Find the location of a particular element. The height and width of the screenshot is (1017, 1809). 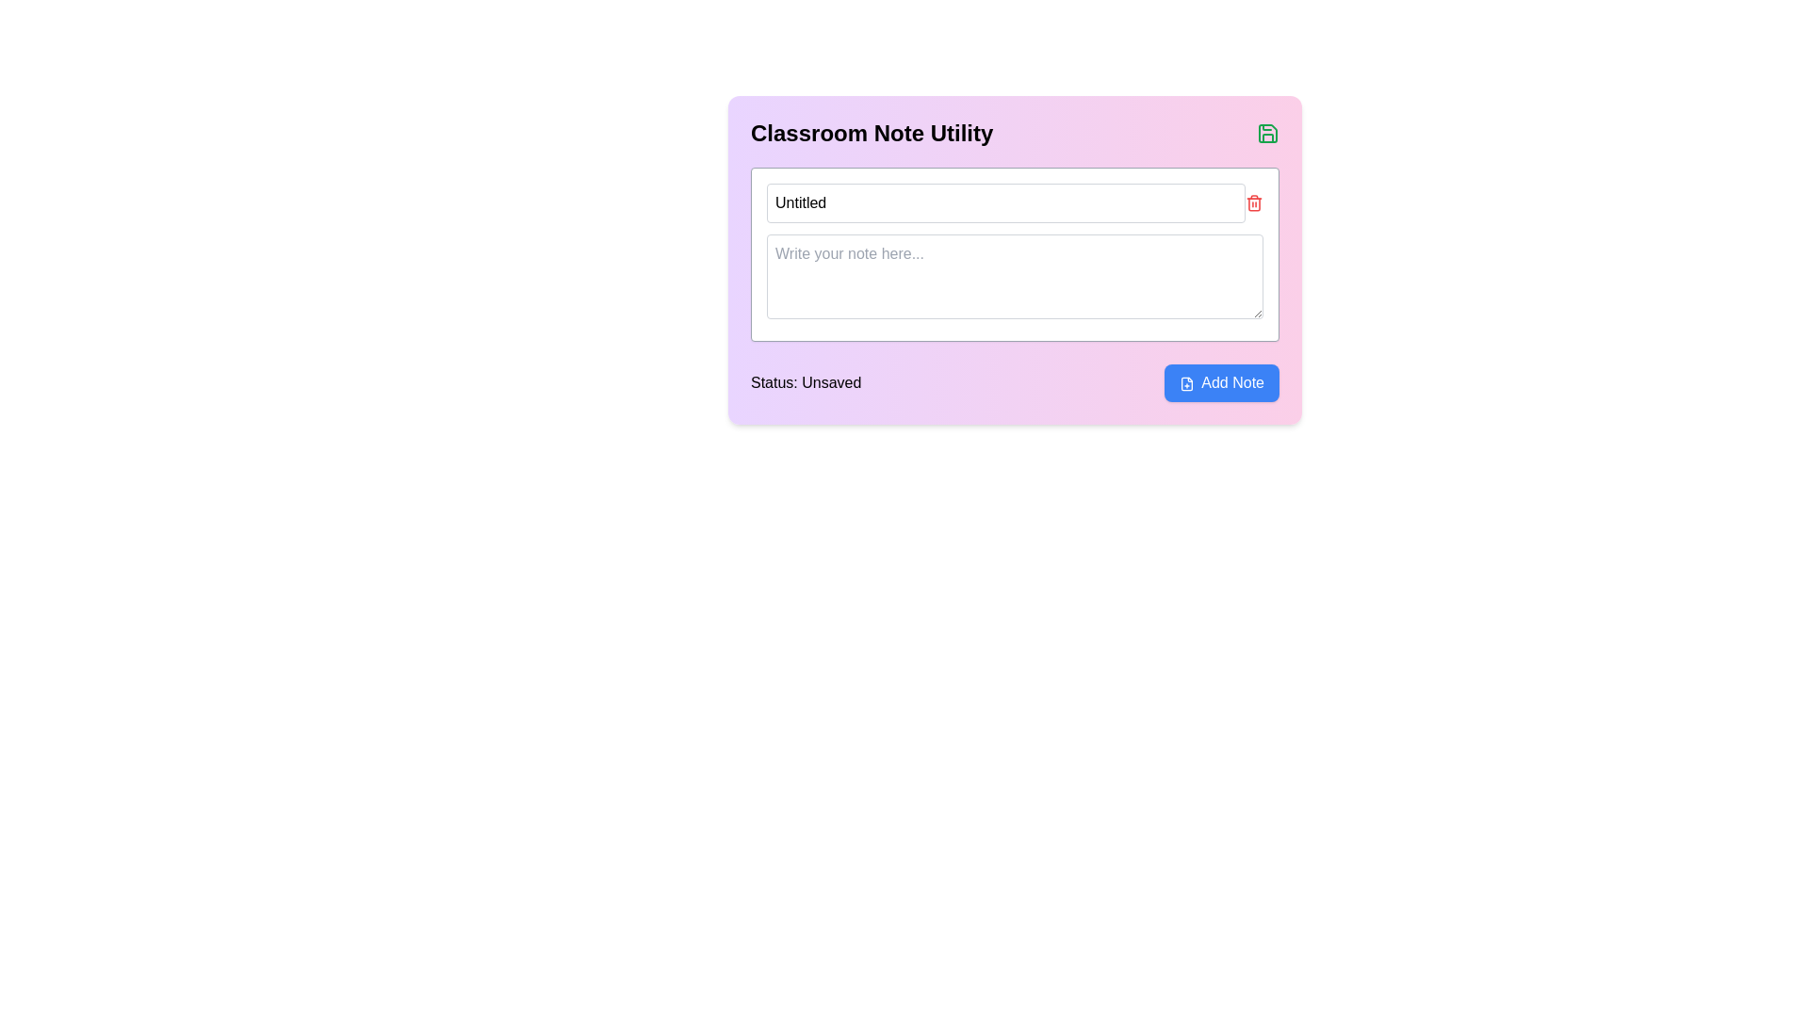

the save icon located in the upper right corner of the 'Classroom Note Utility' card is located at coordinates (1267, 133).